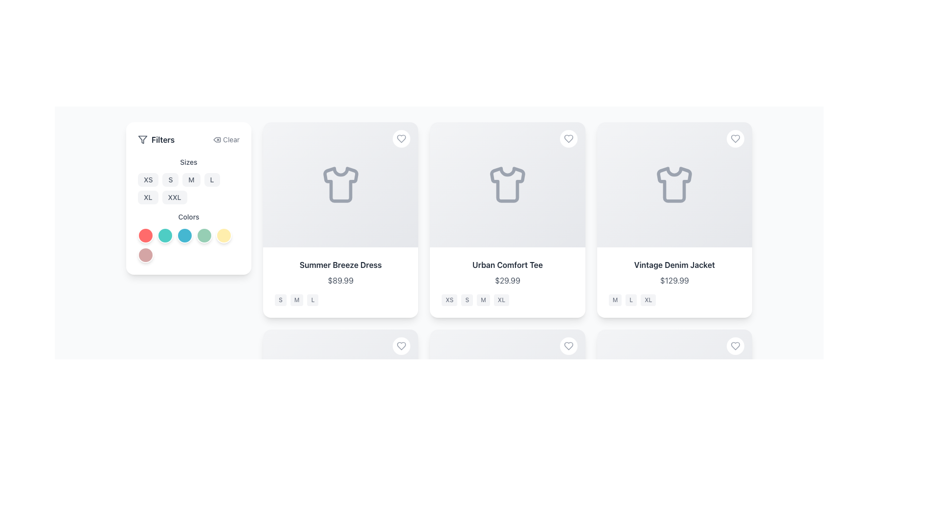 This screenshot has height=528, width=939. I want to click on each button in the Interactive button group located in the 'Colors' section of the 'Filters' panel on the left side of the interface, positioned below the 'Sizes' options, so click(188, 244).